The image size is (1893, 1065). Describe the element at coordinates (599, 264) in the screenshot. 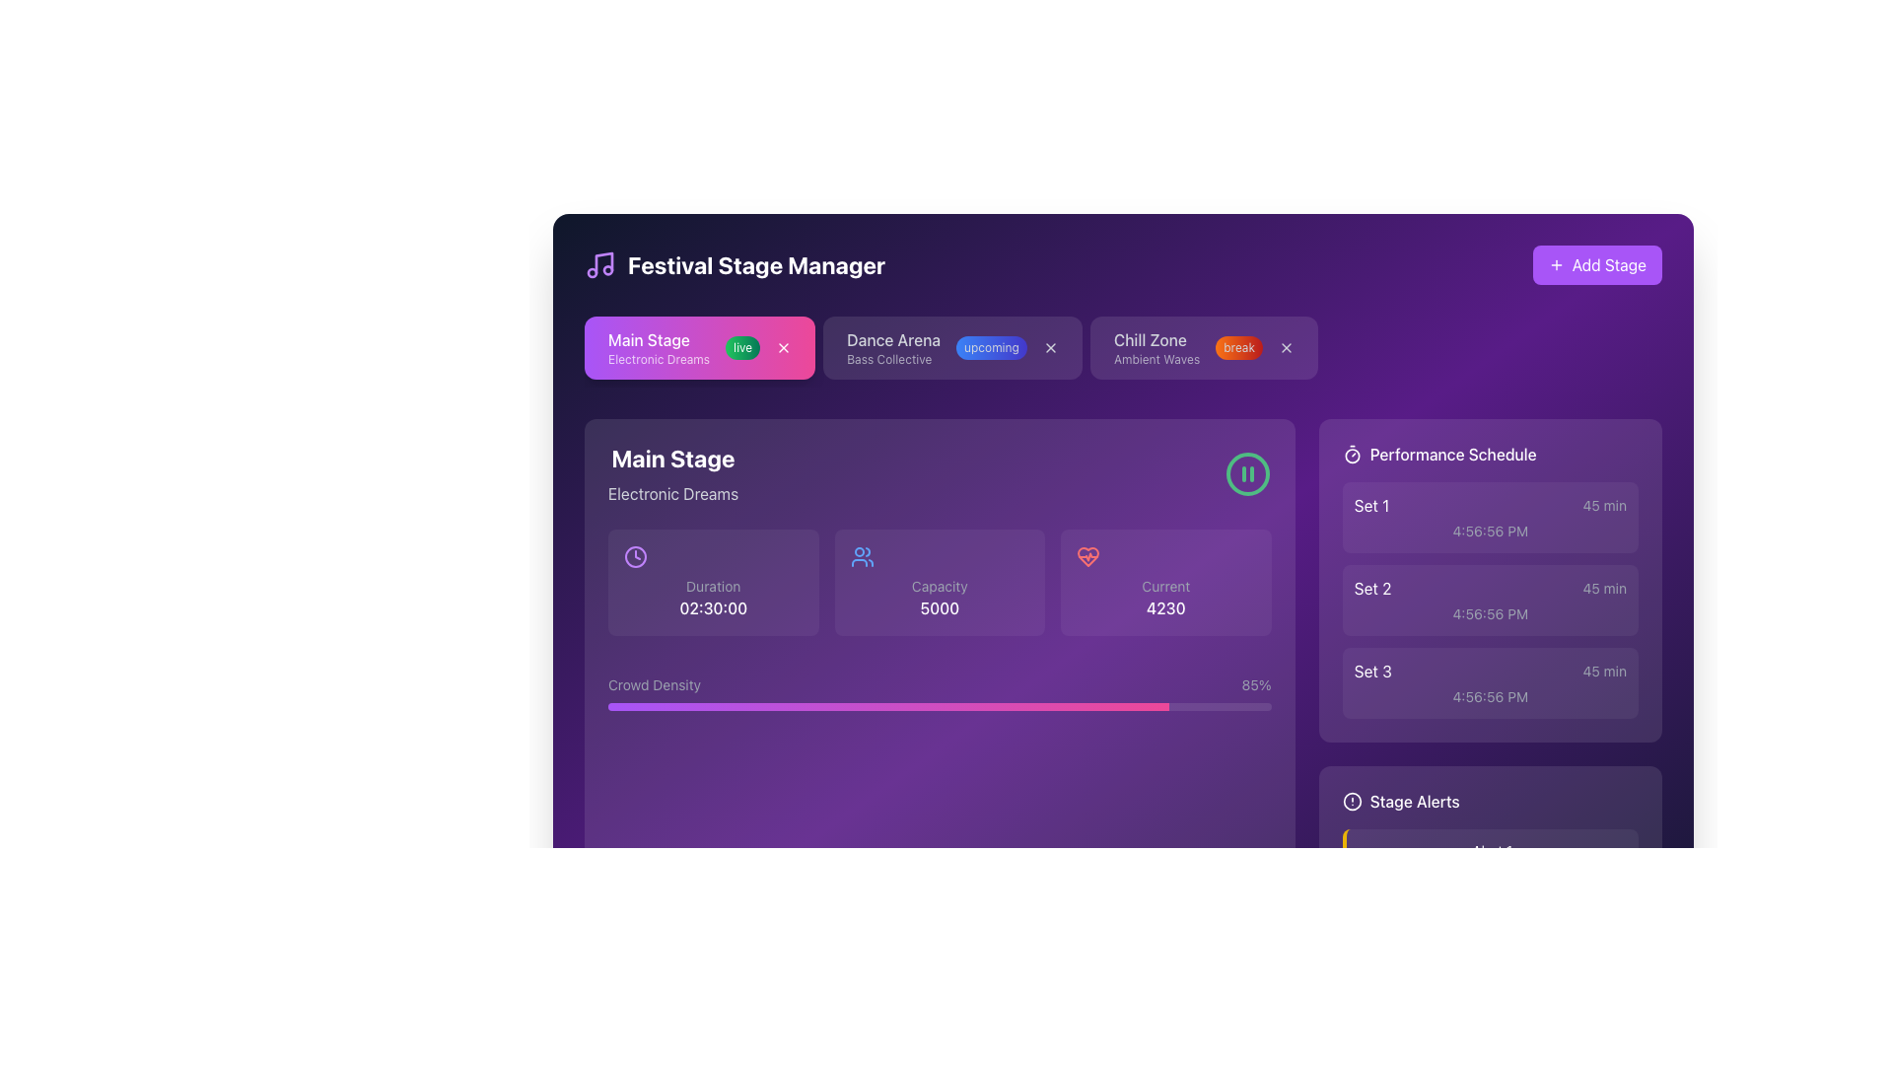

I see `the music-related icon located to the left of the 'Festival Stage Manager' text in the header section of the interface` at that location.